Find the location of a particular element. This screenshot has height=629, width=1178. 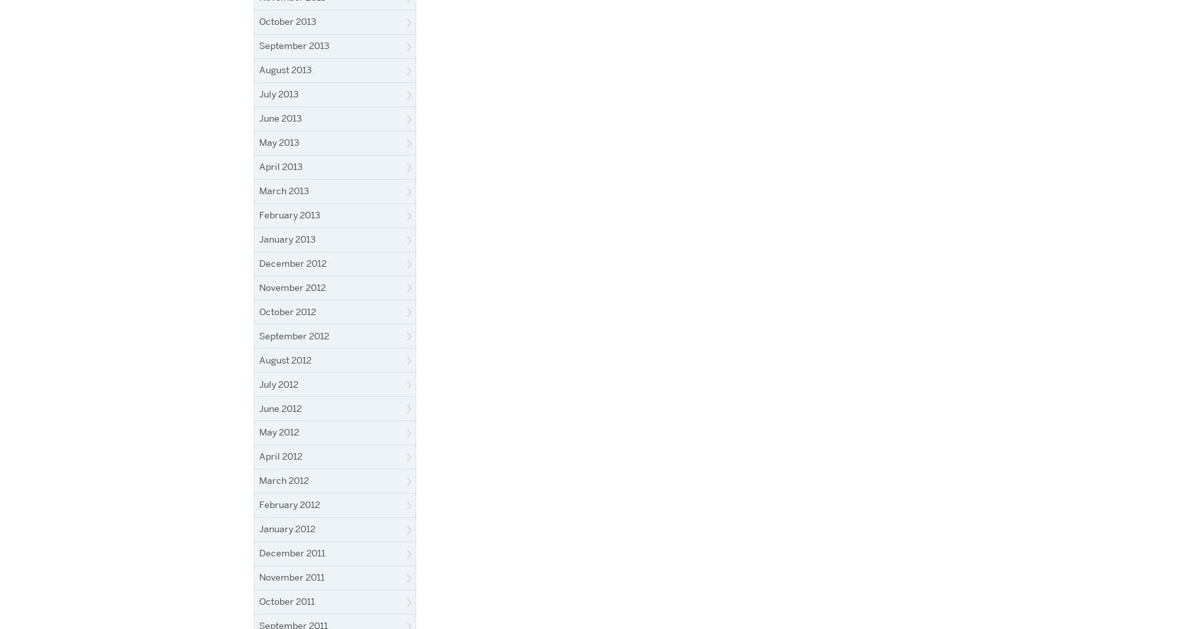

'May 2013' is located at coordinates (259, 141).